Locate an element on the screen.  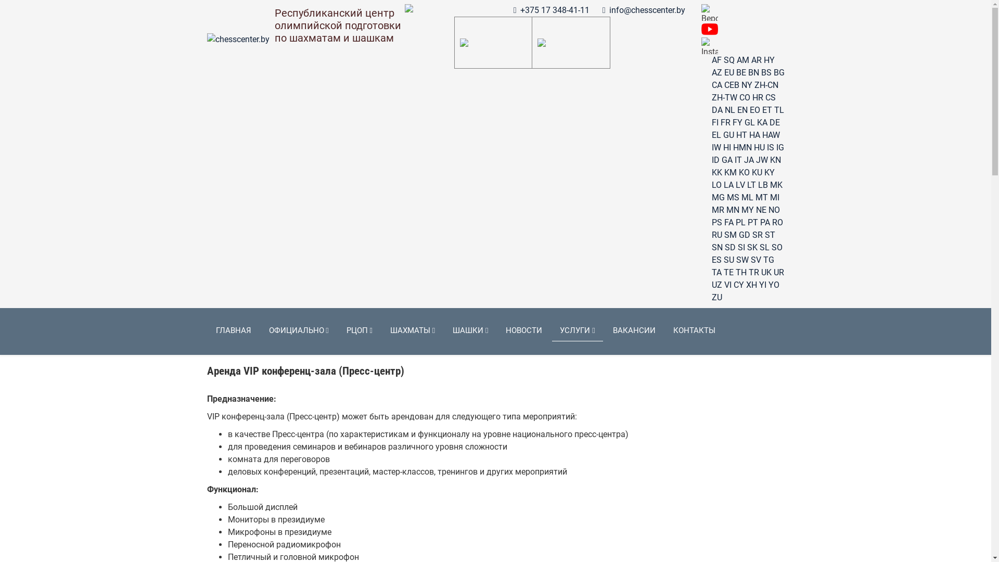
'RU' is located at coordinates (716, 235).